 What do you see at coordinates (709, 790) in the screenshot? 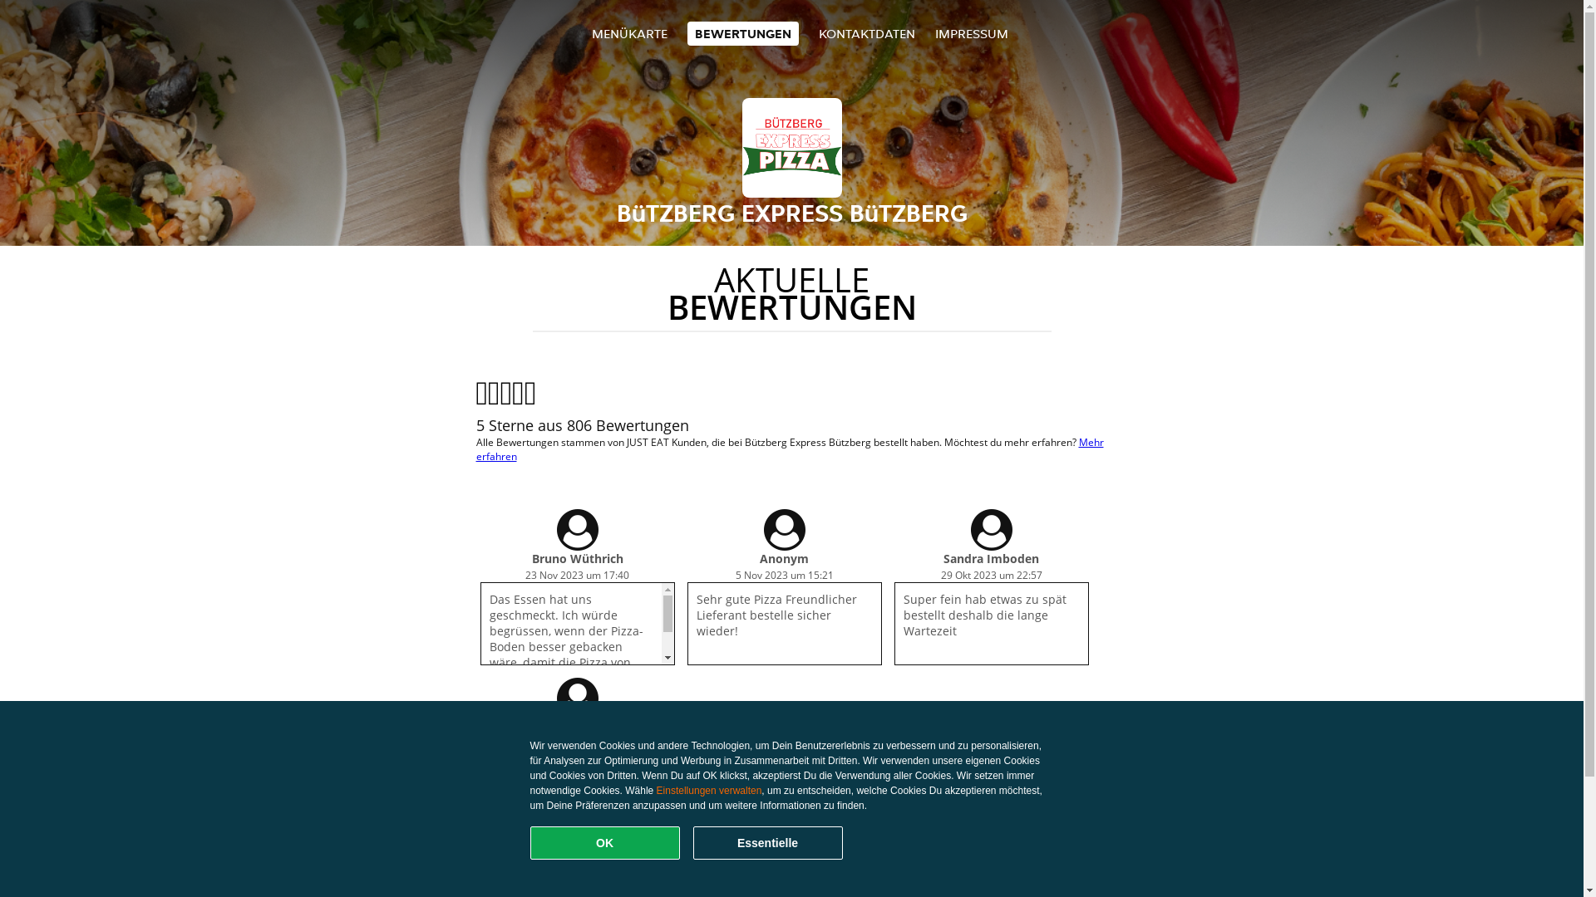
I see `'Einstellungen verwalten'` at bounding box center [709, 790].